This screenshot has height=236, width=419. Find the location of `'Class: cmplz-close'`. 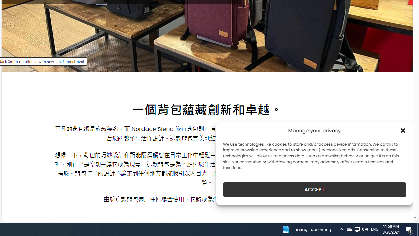

'Class: cmplz-close' is located at coordinates (403, 130).